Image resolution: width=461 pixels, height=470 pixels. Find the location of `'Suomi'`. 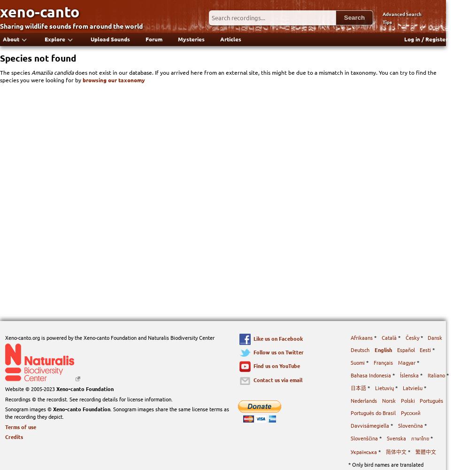

'Suomi' is located at coordinates (358, 362).